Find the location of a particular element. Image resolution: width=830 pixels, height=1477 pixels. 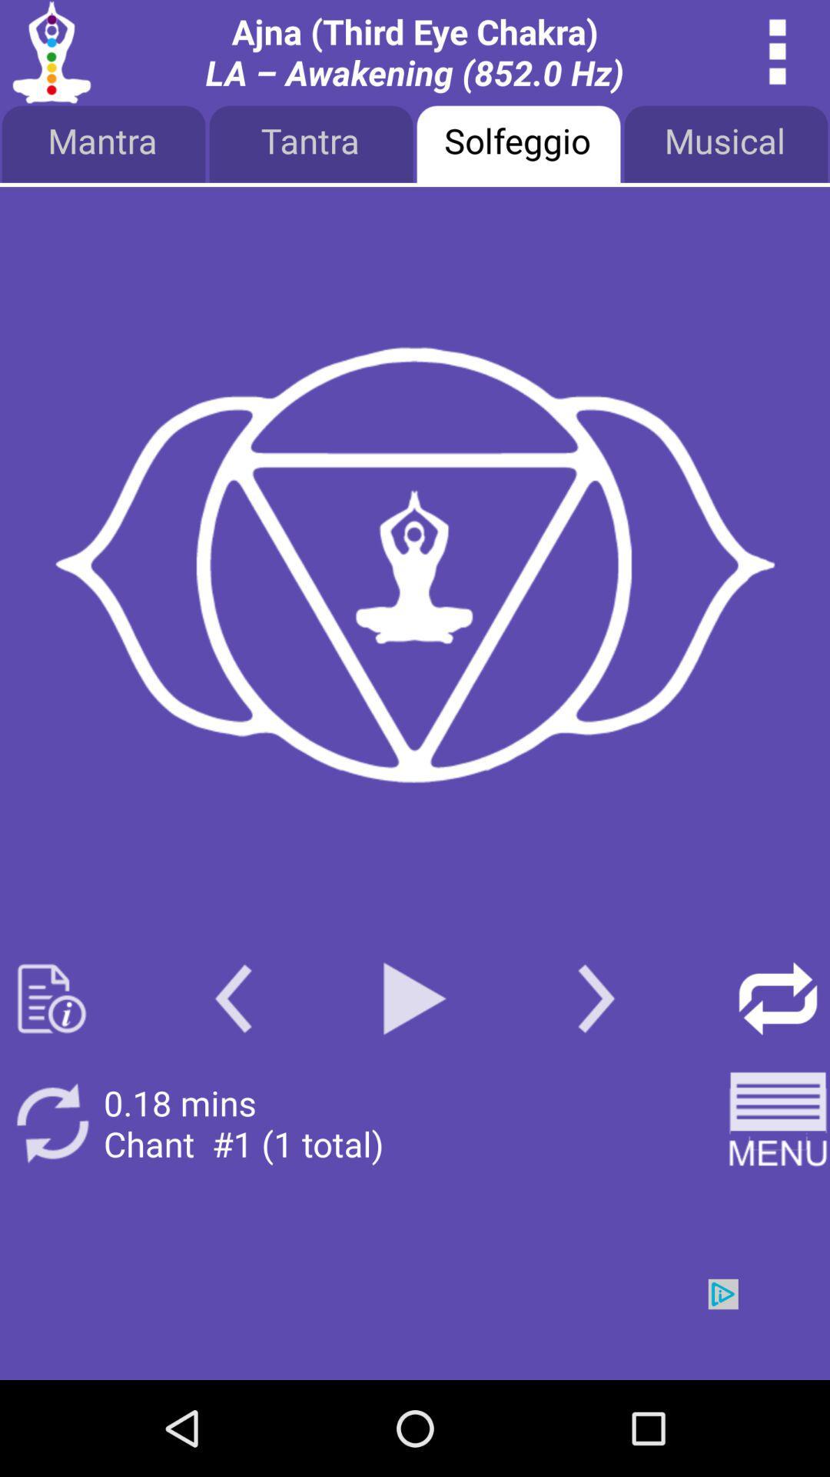

reload page is located at coordinates (778, 999).